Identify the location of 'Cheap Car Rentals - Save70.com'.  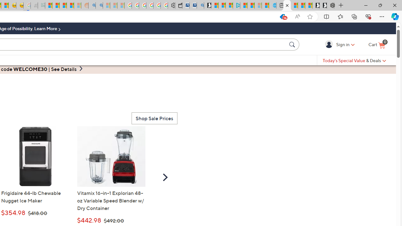
(193, 5).